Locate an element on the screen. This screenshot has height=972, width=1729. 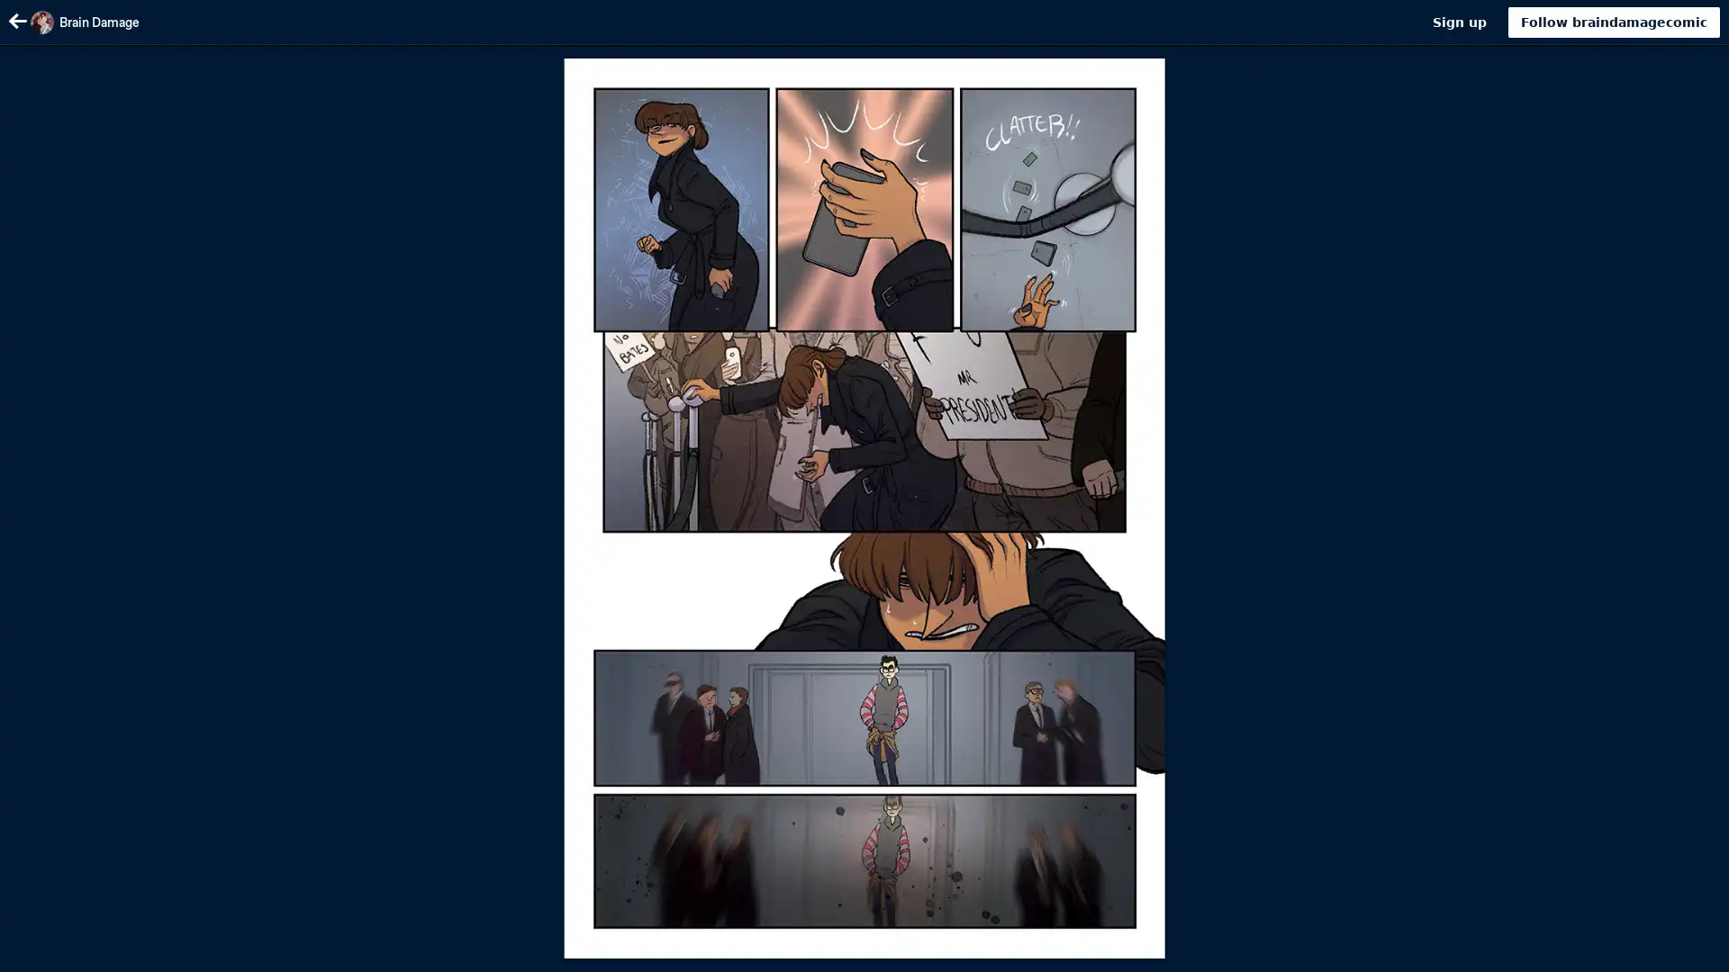
Scroll to top is located at coordinates (1693, 951).